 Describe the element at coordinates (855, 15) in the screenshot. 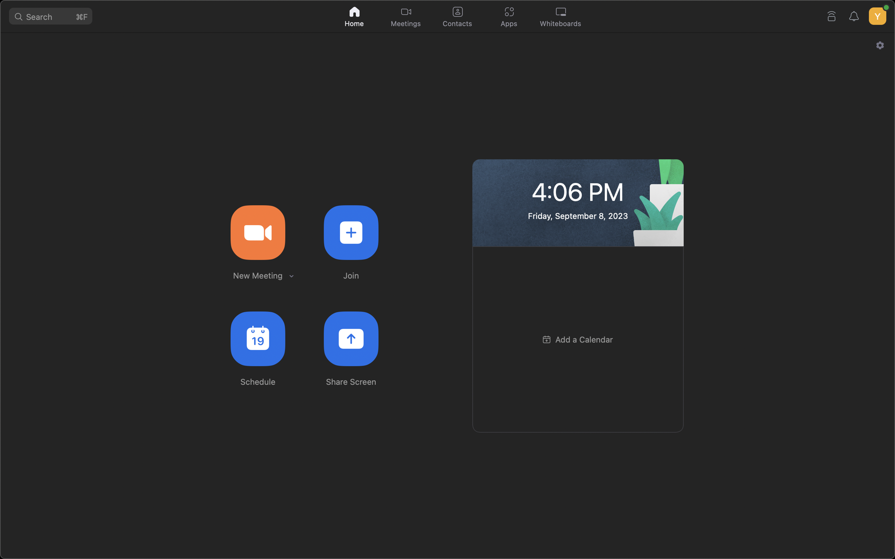

I see `the notifications by clicking on the bell symbol` at that location.